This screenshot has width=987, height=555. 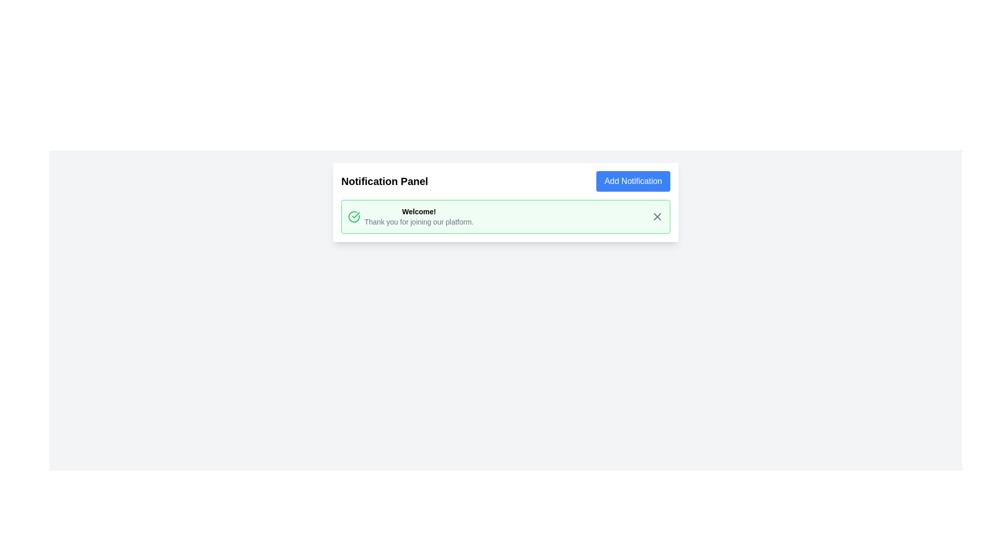 I want to click on the 'Welcome!' notification text or the accompanying green checkmark icon for additional effects, so click(x=410, y=216).